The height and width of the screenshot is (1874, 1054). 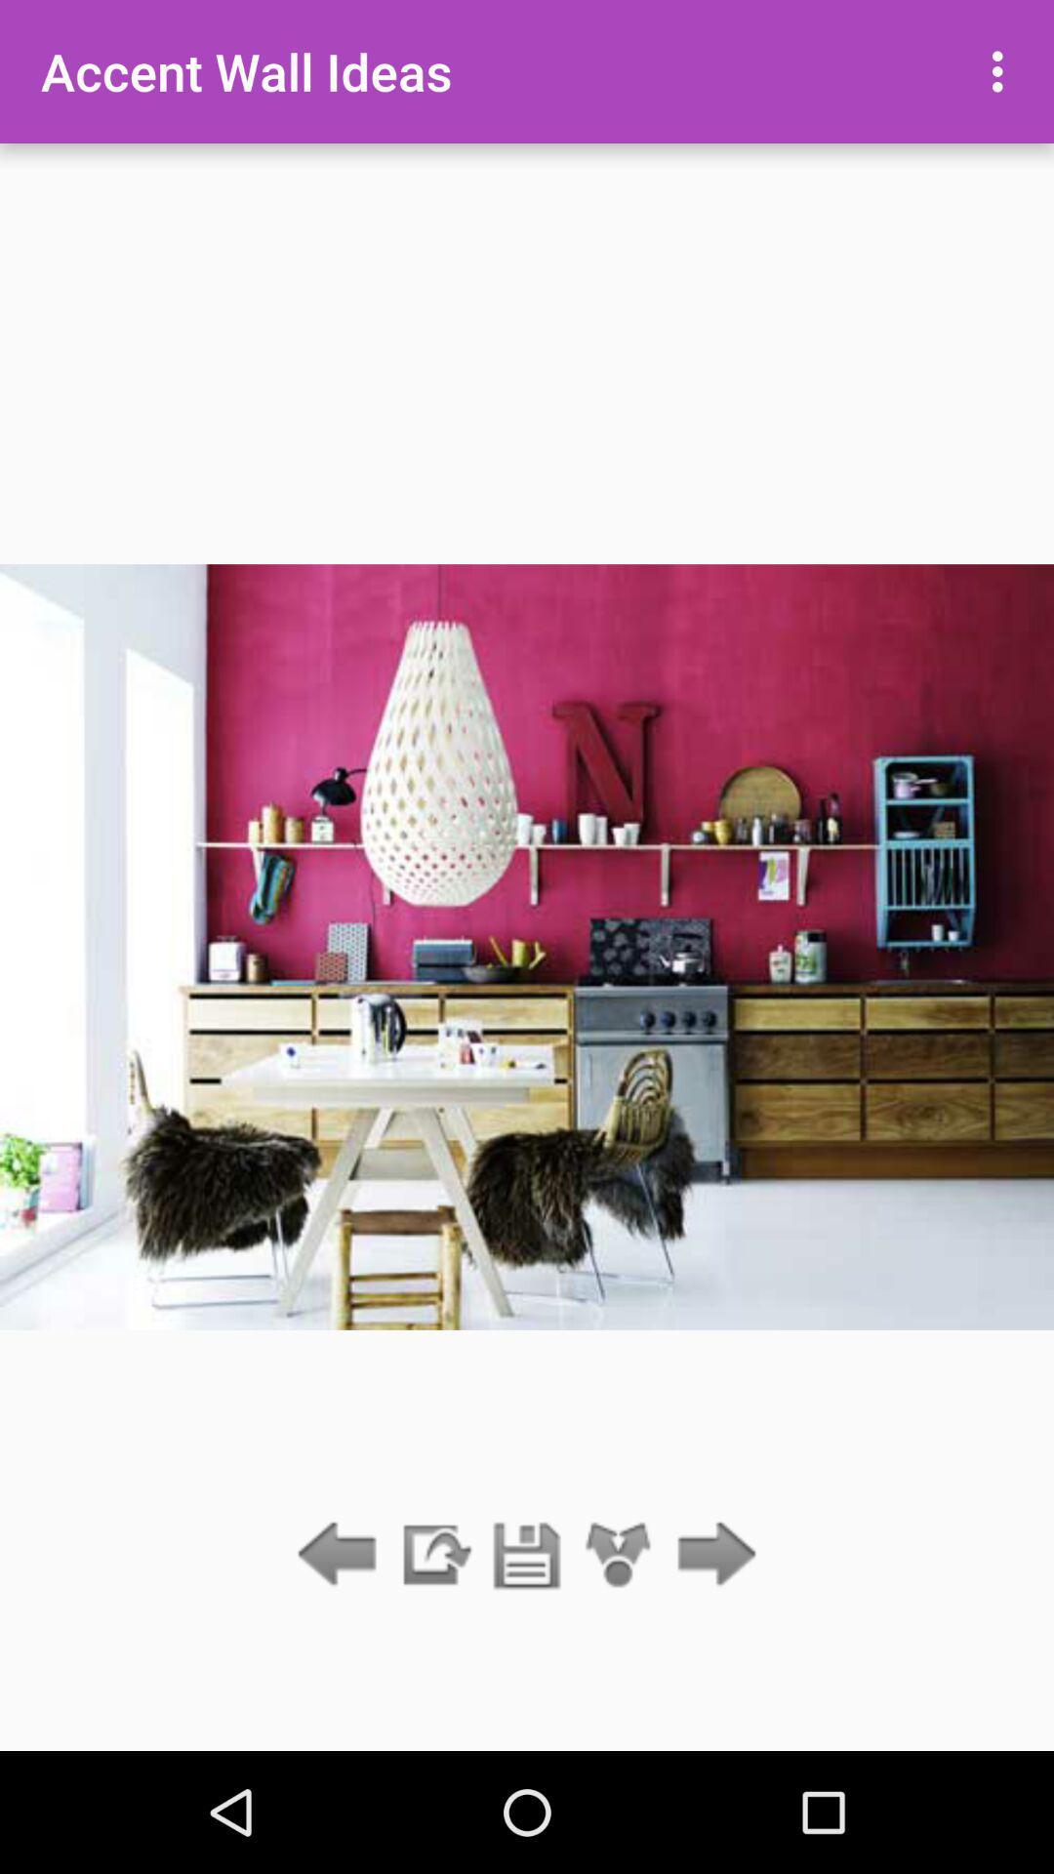 What do you see at coordinates (527, 1555) in the screenshot?
I see `project` at bounding box center [527, 1555].